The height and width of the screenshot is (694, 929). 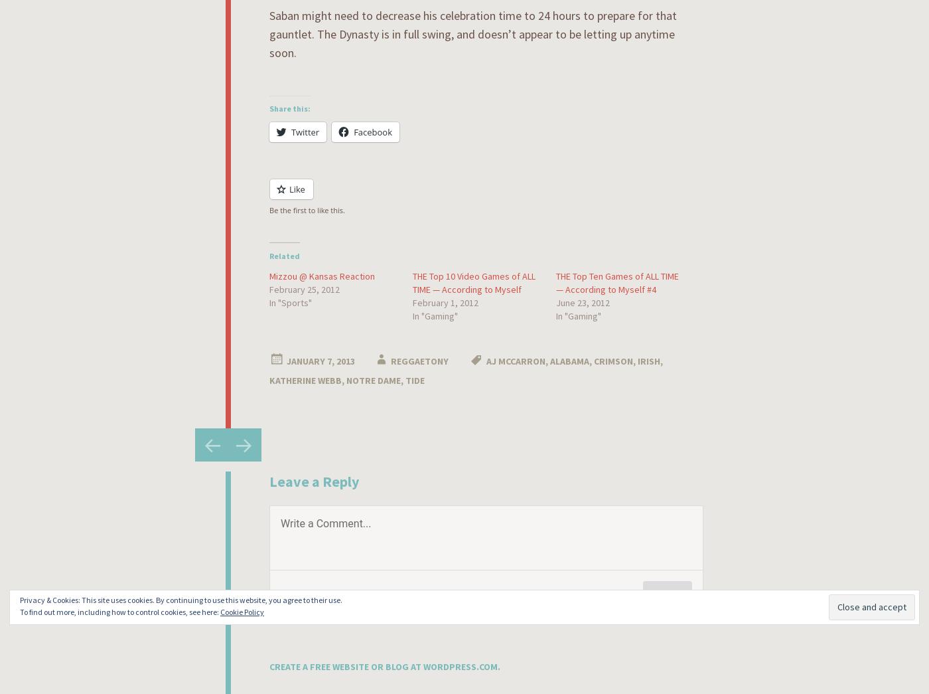 I want to click on 'Share this:', so click(x=289, y=108).